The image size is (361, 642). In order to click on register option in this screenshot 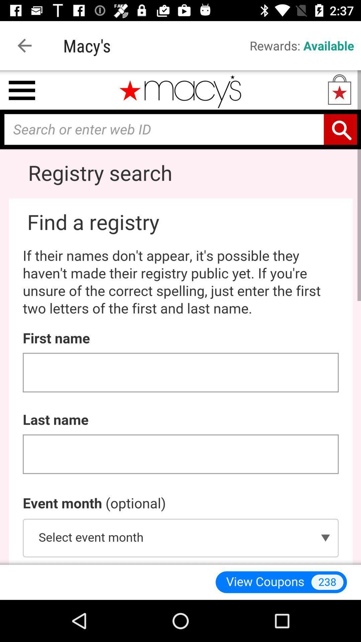, I will do `click(180, 317)`.